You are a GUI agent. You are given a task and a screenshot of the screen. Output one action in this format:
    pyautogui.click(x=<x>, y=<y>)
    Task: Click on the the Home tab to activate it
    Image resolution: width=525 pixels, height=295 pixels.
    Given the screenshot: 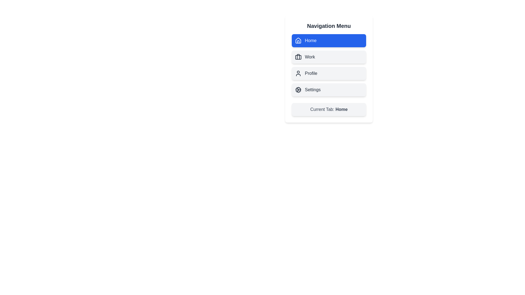 What is the action you would take?
    pyautogui.click(x=329, y=40)
    